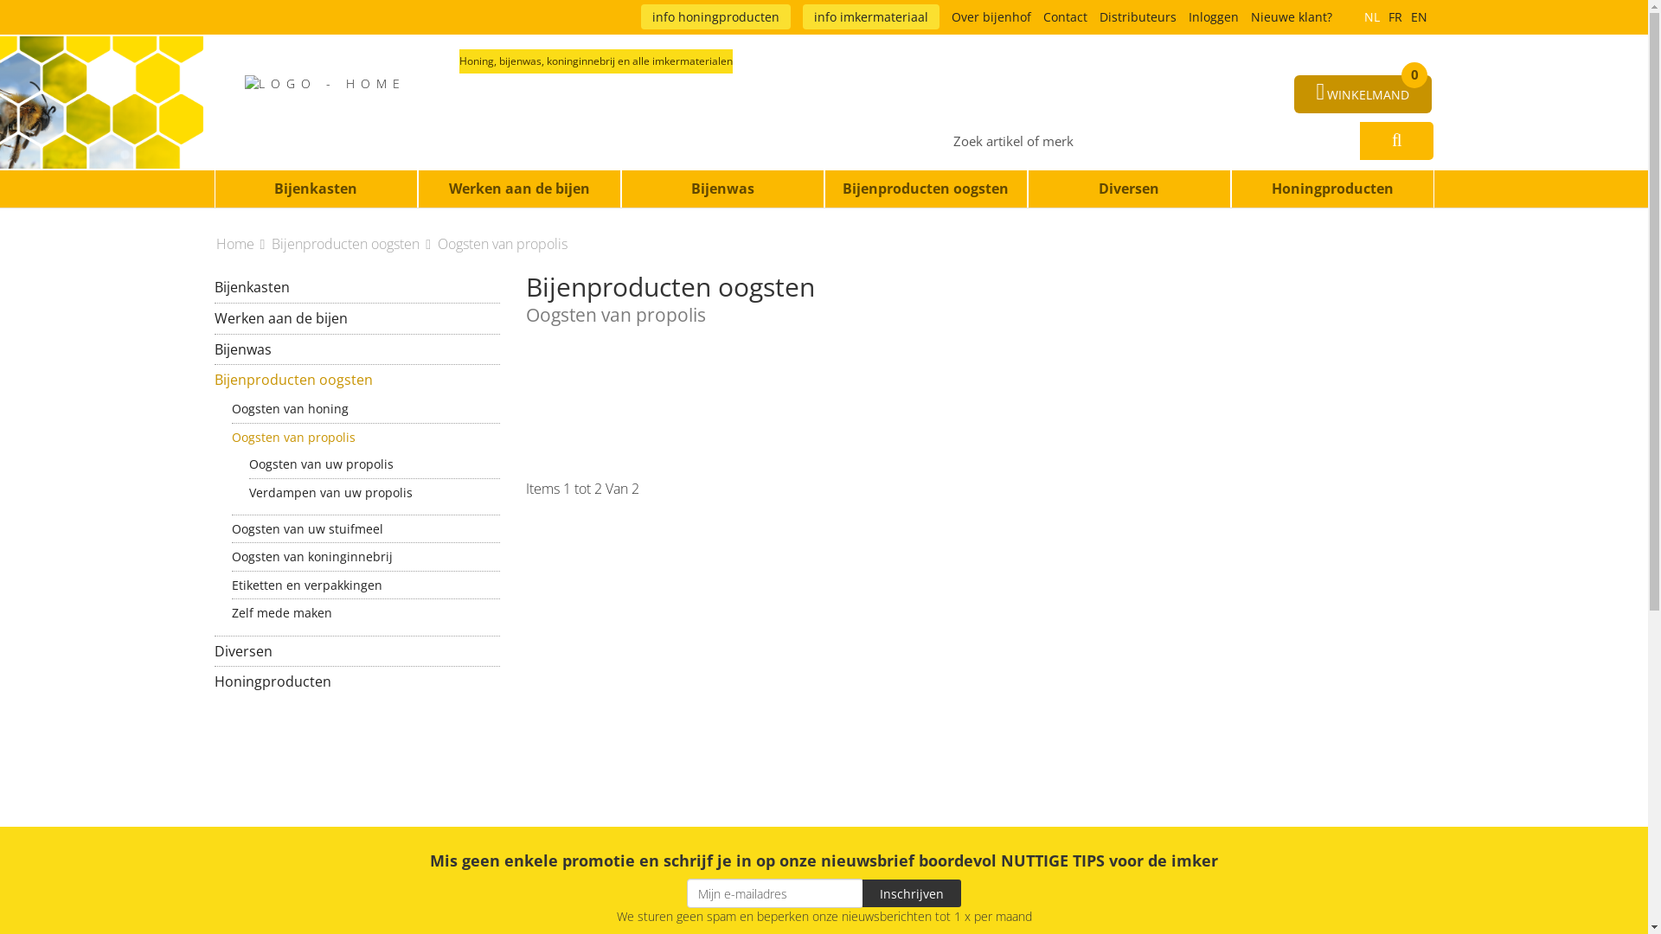 The image size is (1661, 934). I want to click on 'Distributeurs', so click(1137, 16).